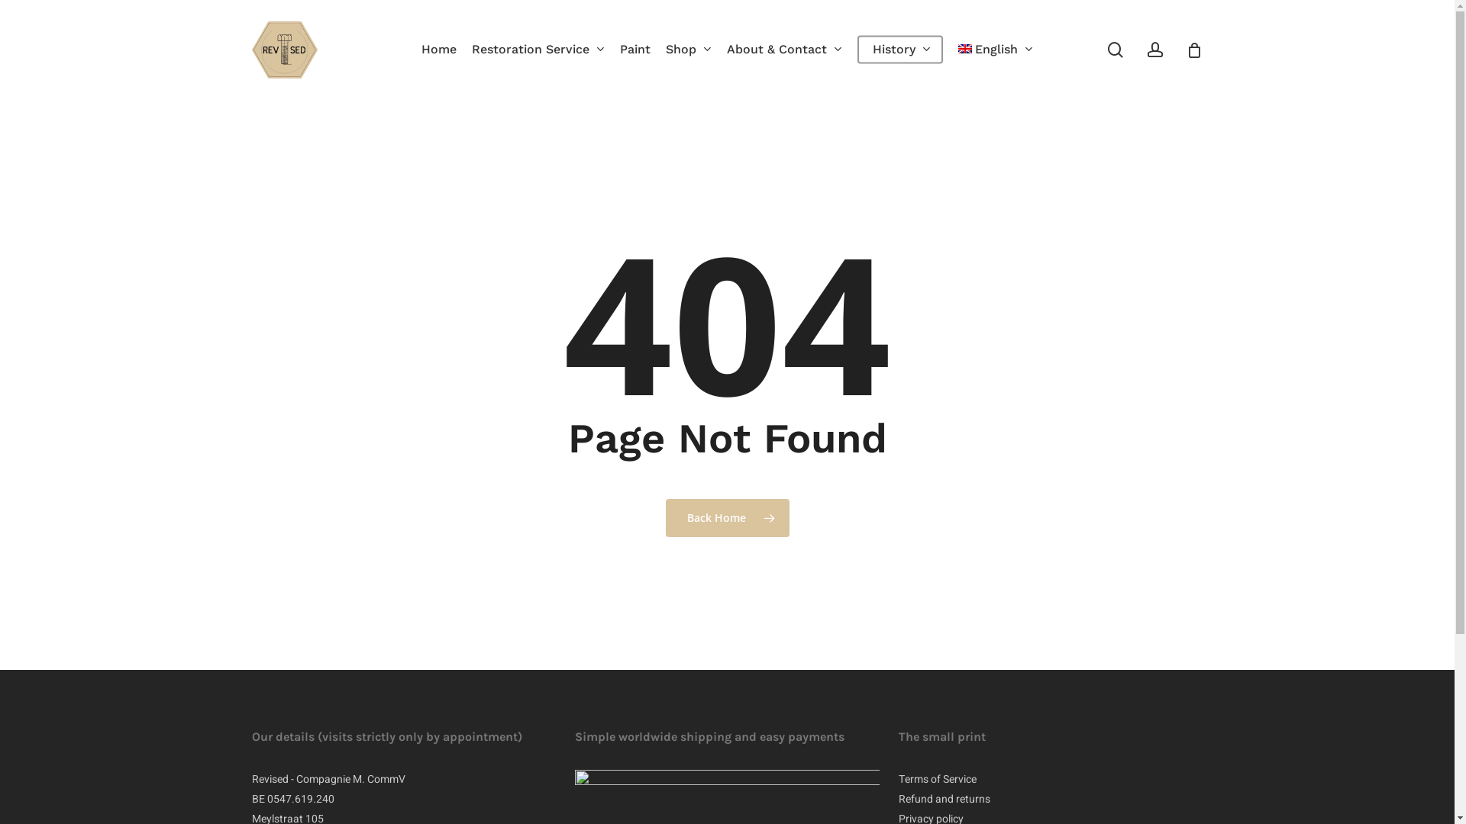 The height and width of the screenshot is (824, 1466). I want to click on 'History', so click(900, 49).